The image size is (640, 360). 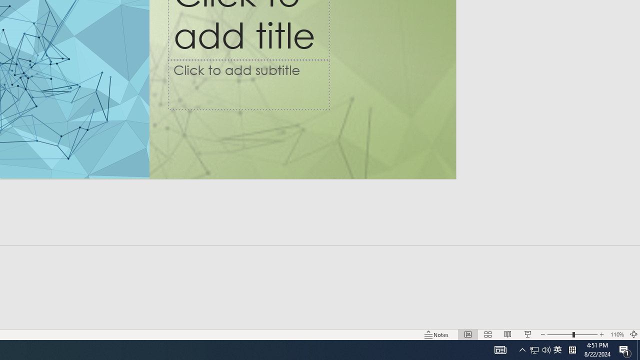 I want to click on 'Reading View', so click(x=507, y=334).